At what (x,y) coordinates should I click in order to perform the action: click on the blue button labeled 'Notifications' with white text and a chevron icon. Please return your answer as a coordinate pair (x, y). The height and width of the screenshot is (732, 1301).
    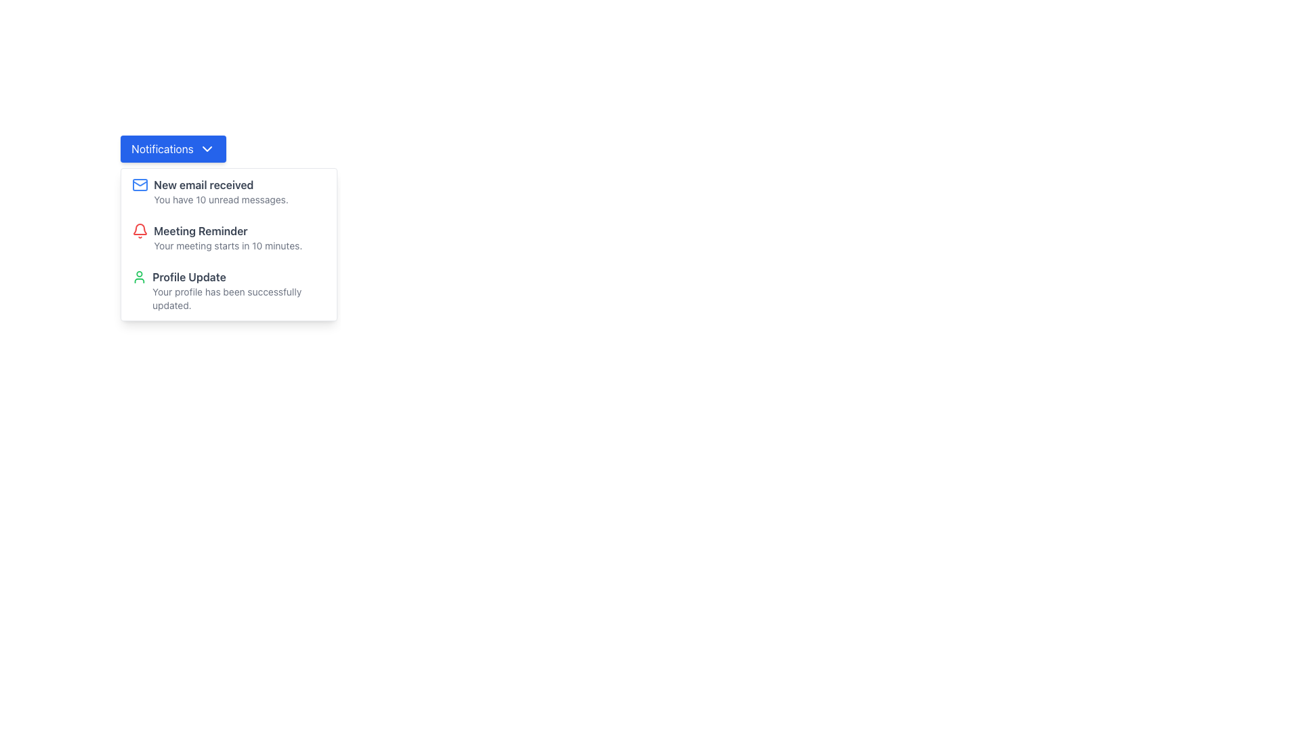
    Looking at the image, I should click on (172, 148).